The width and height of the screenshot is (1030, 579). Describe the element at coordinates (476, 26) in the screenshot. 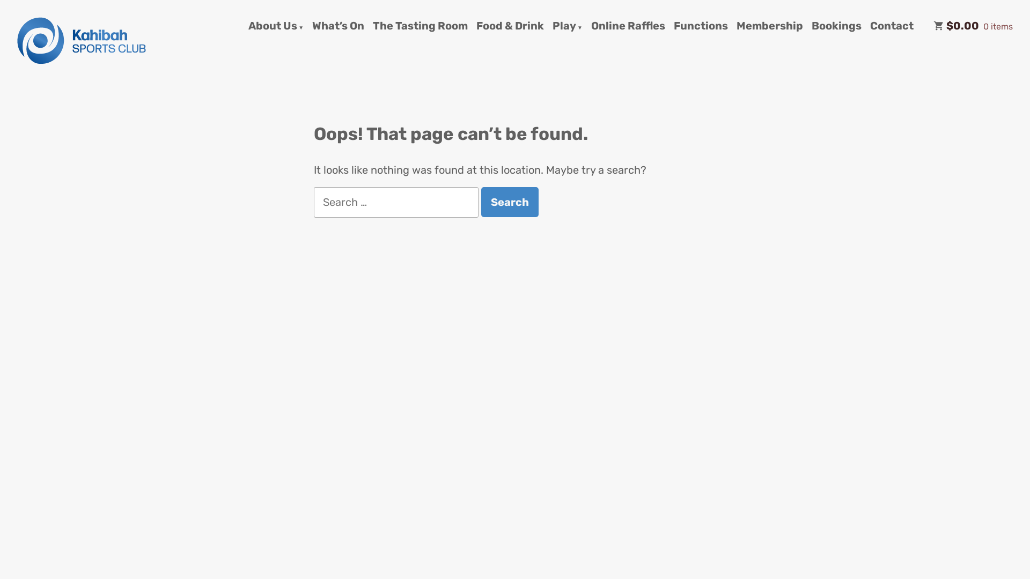

I see `'Food & Drink'` at that location.